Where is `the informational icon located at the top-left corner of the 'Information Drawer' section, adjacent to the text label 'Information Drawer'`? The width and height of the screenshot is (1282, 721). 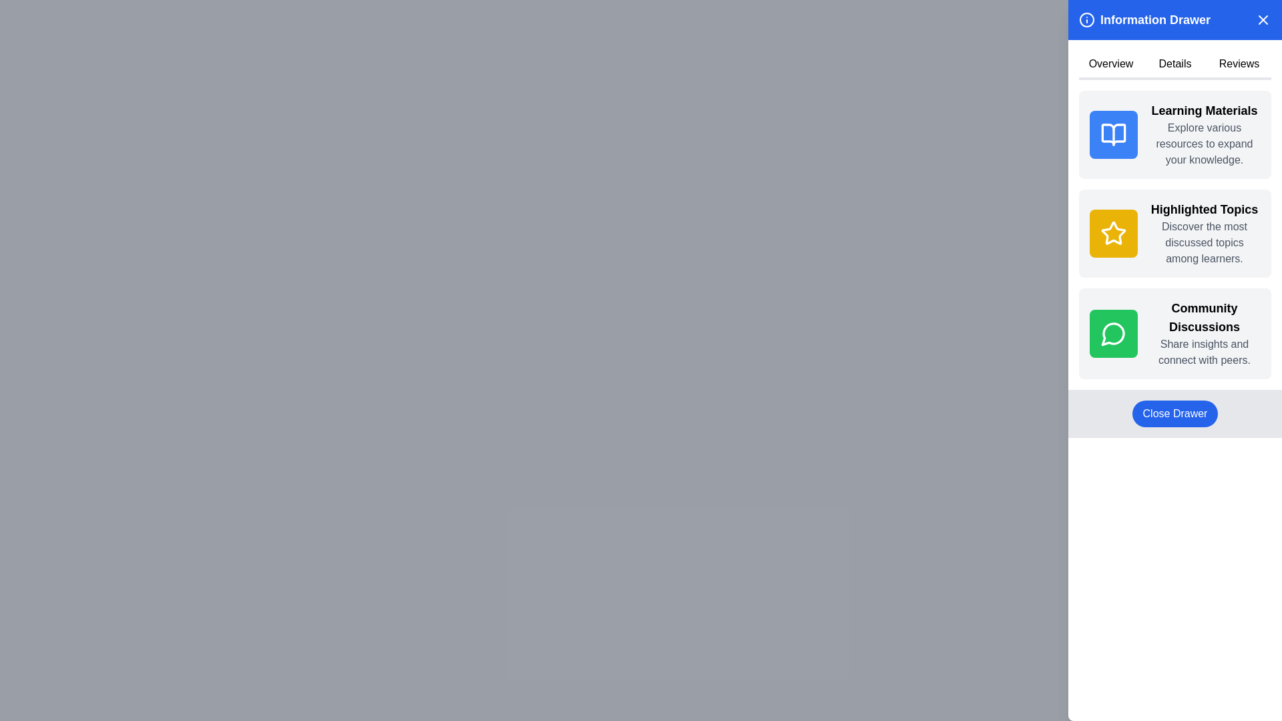
the informational icon located at the top-left corner of the 'Information Drawer' section, adjacent to the text label 'Information Drawer' is located at coordinates (1086, 20).